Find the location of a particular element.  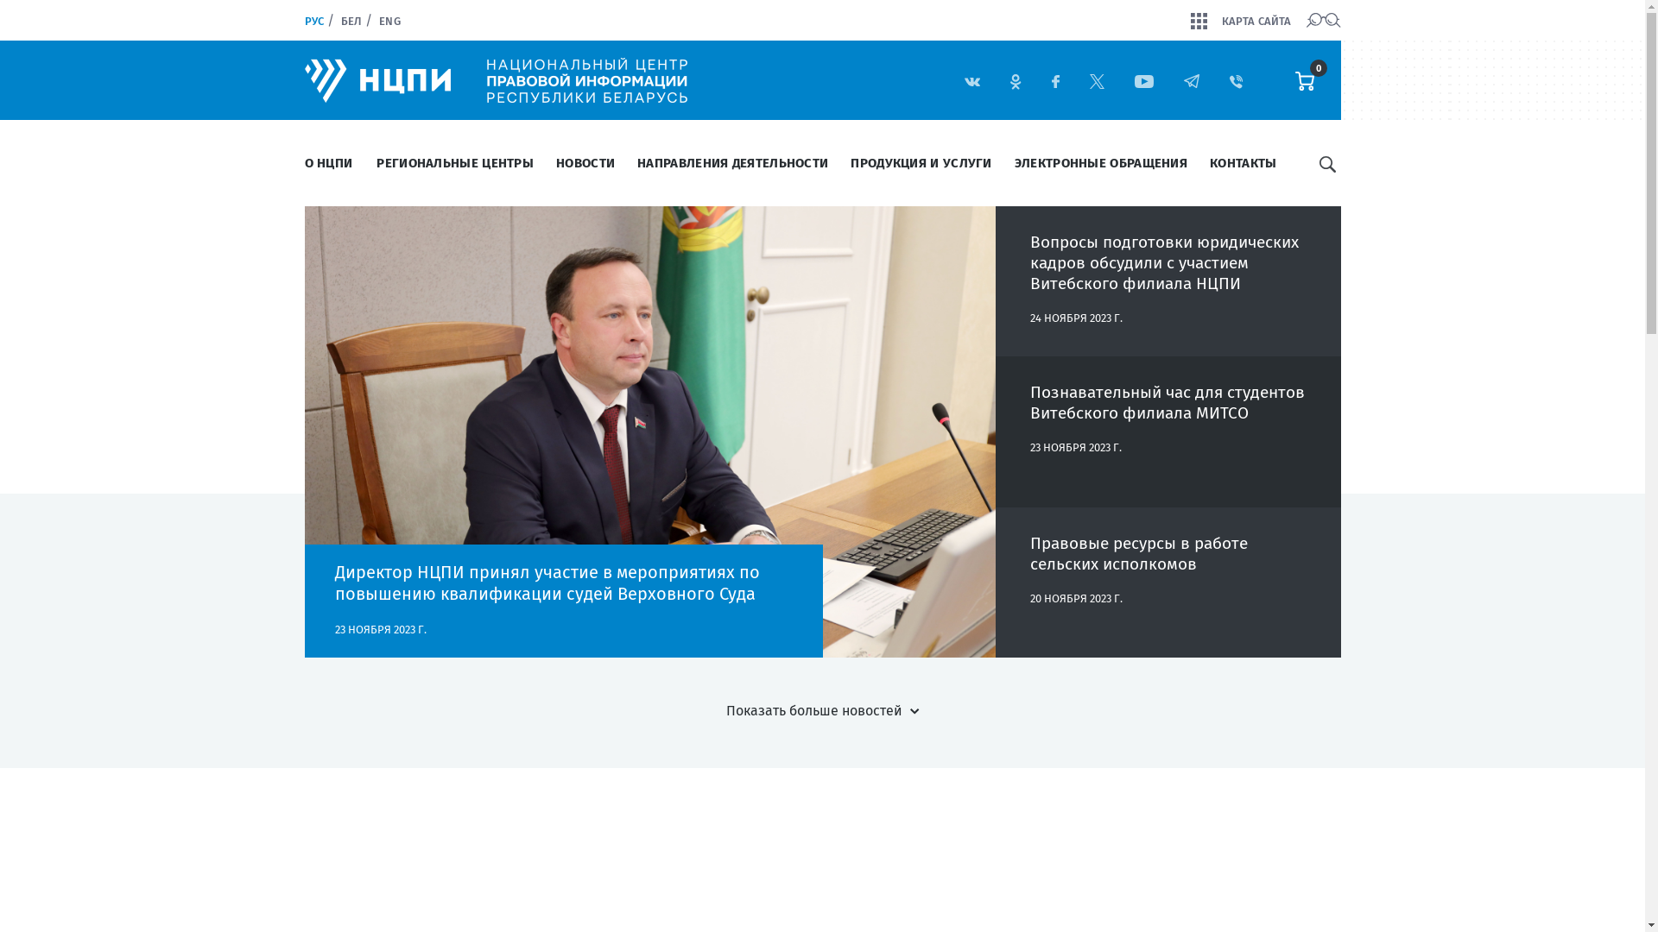

'ENG' is located at coordinates (389, 21).